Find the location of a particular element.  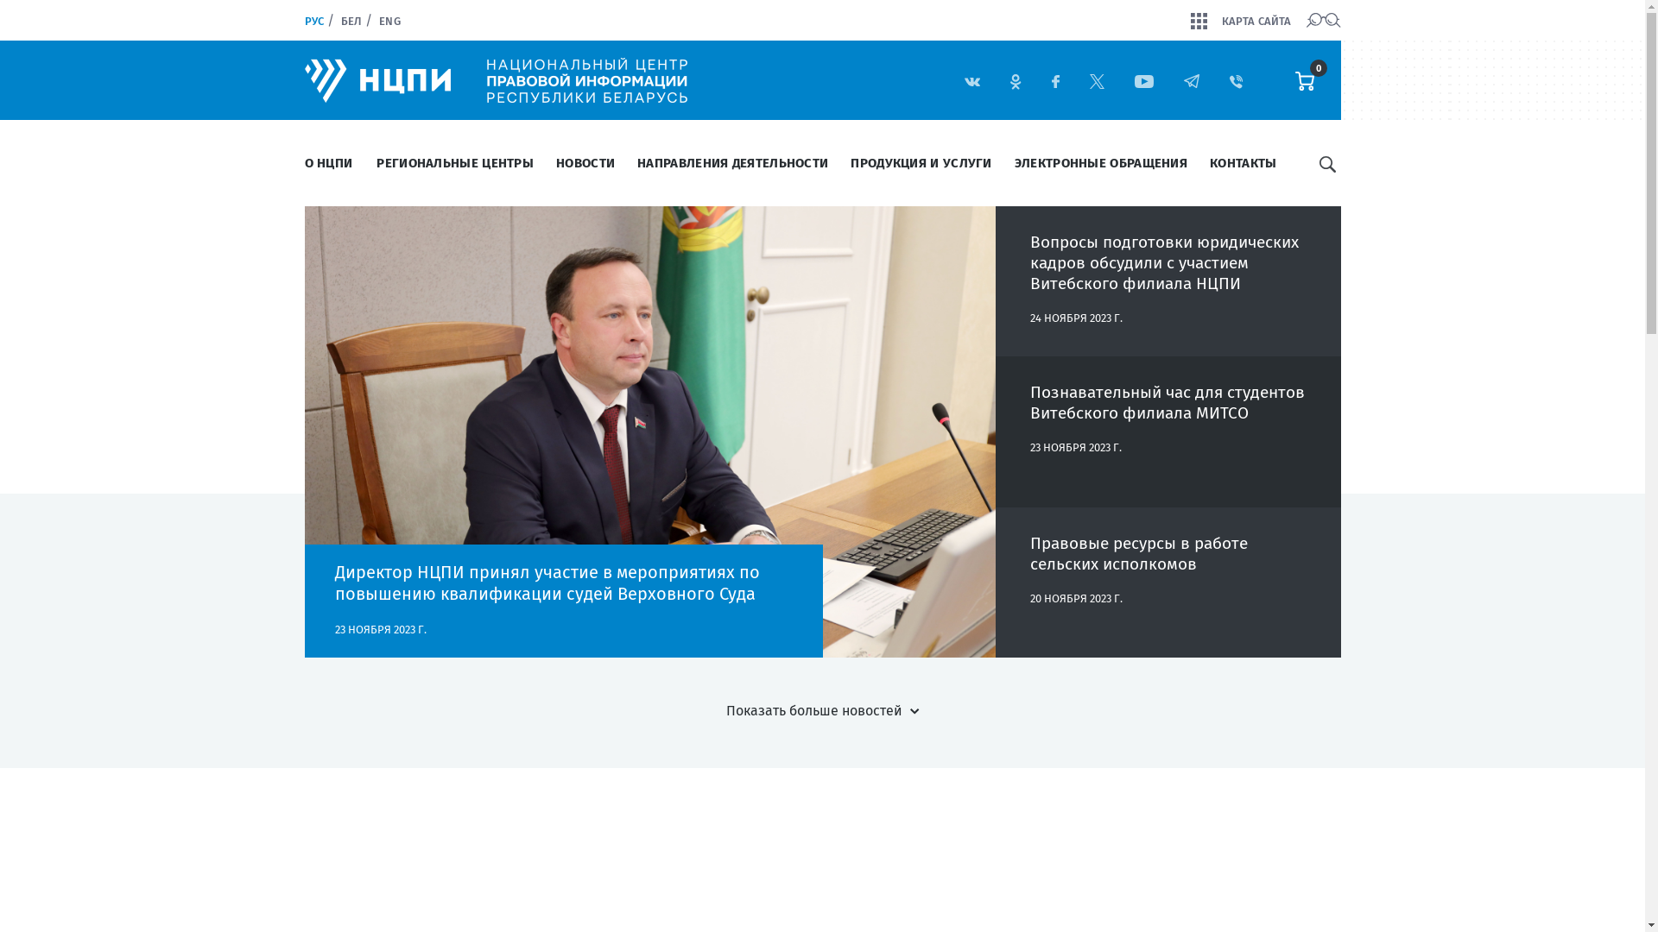

'ENG' is located at coordinates (389, 21).